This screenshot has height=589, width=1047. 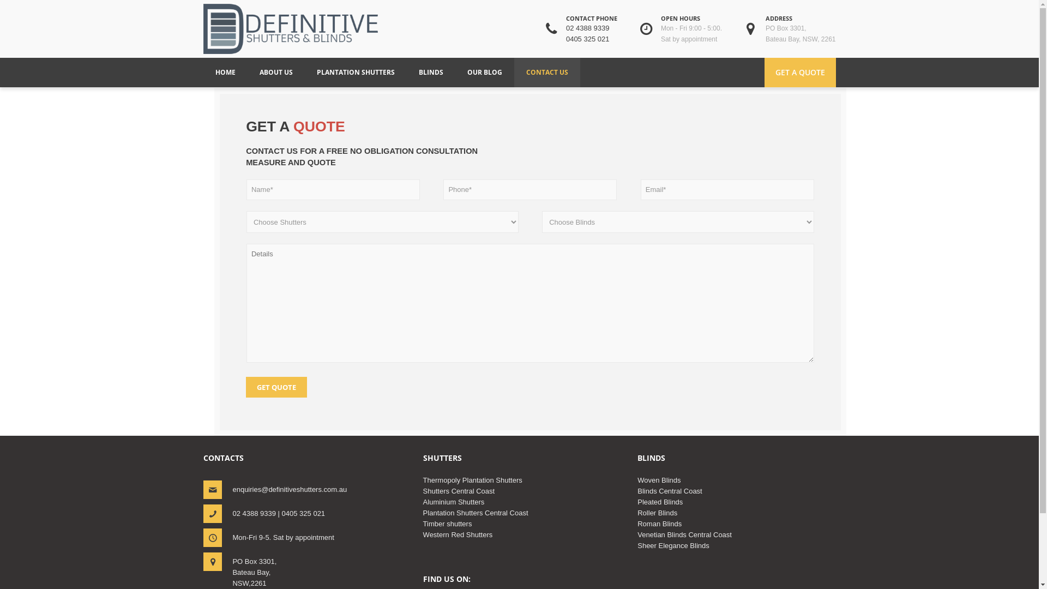 I want to click on 'CONTACT US', so click(x=546, y=72).